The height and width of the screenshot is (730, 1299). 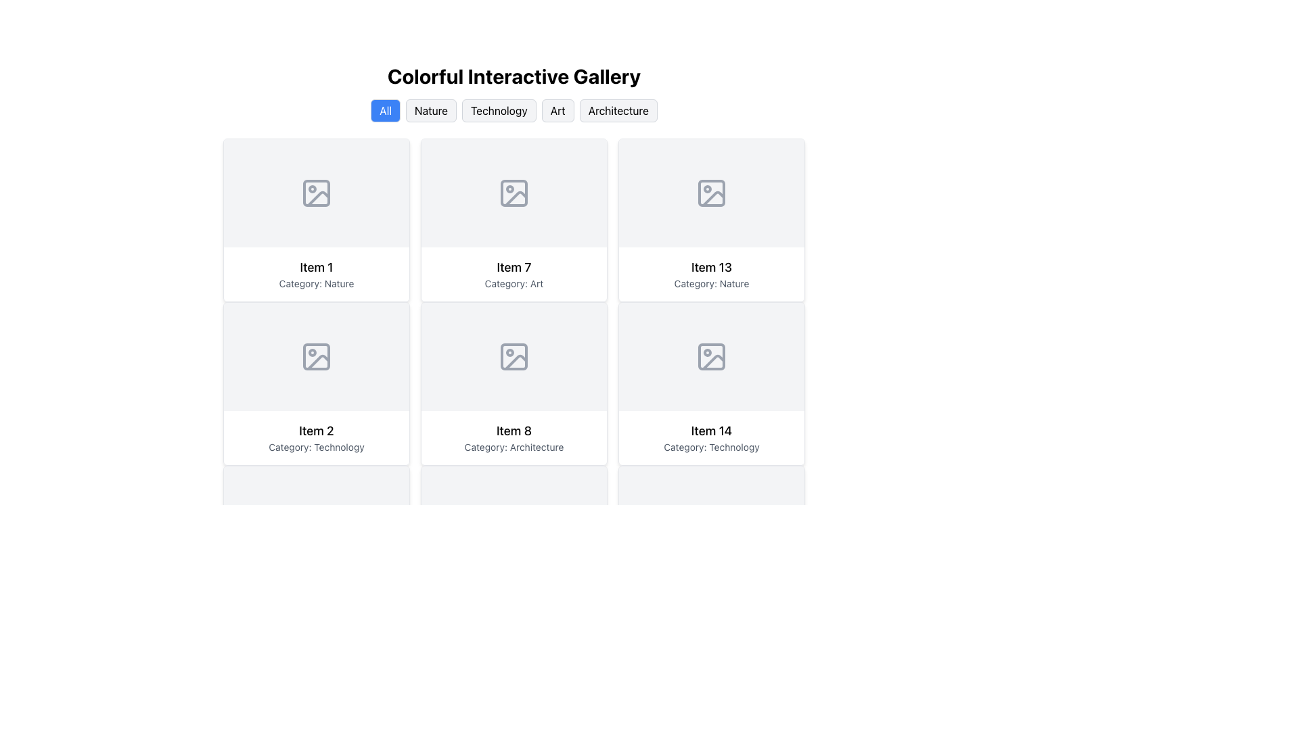 I want to click on the button associated with 'Item 7' in the Art category, so click(x=497, y=220).